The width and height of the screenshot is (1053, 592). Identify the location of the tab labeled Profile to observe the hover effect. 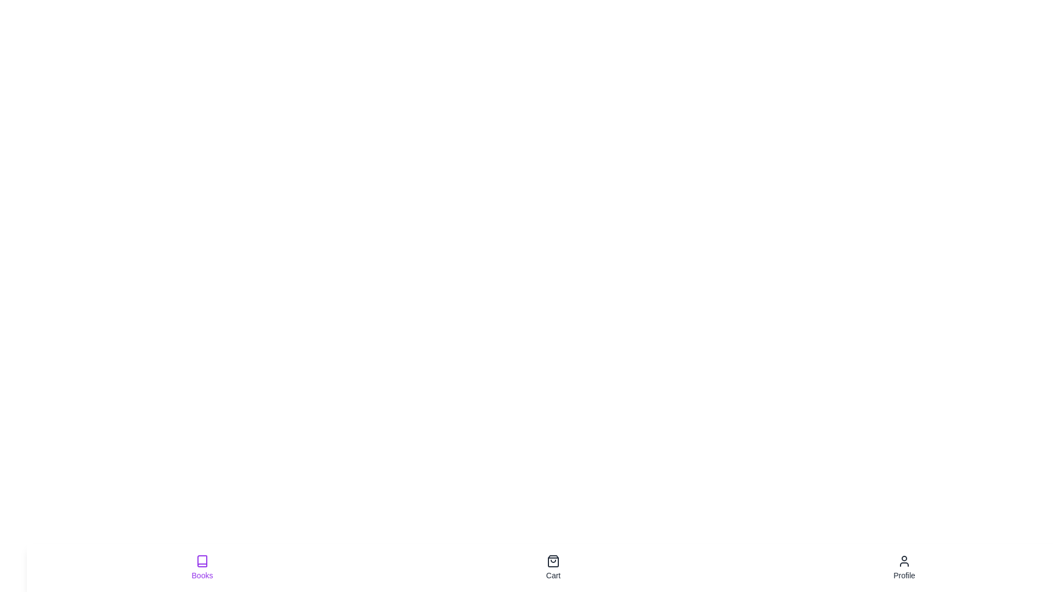
(904, 567).